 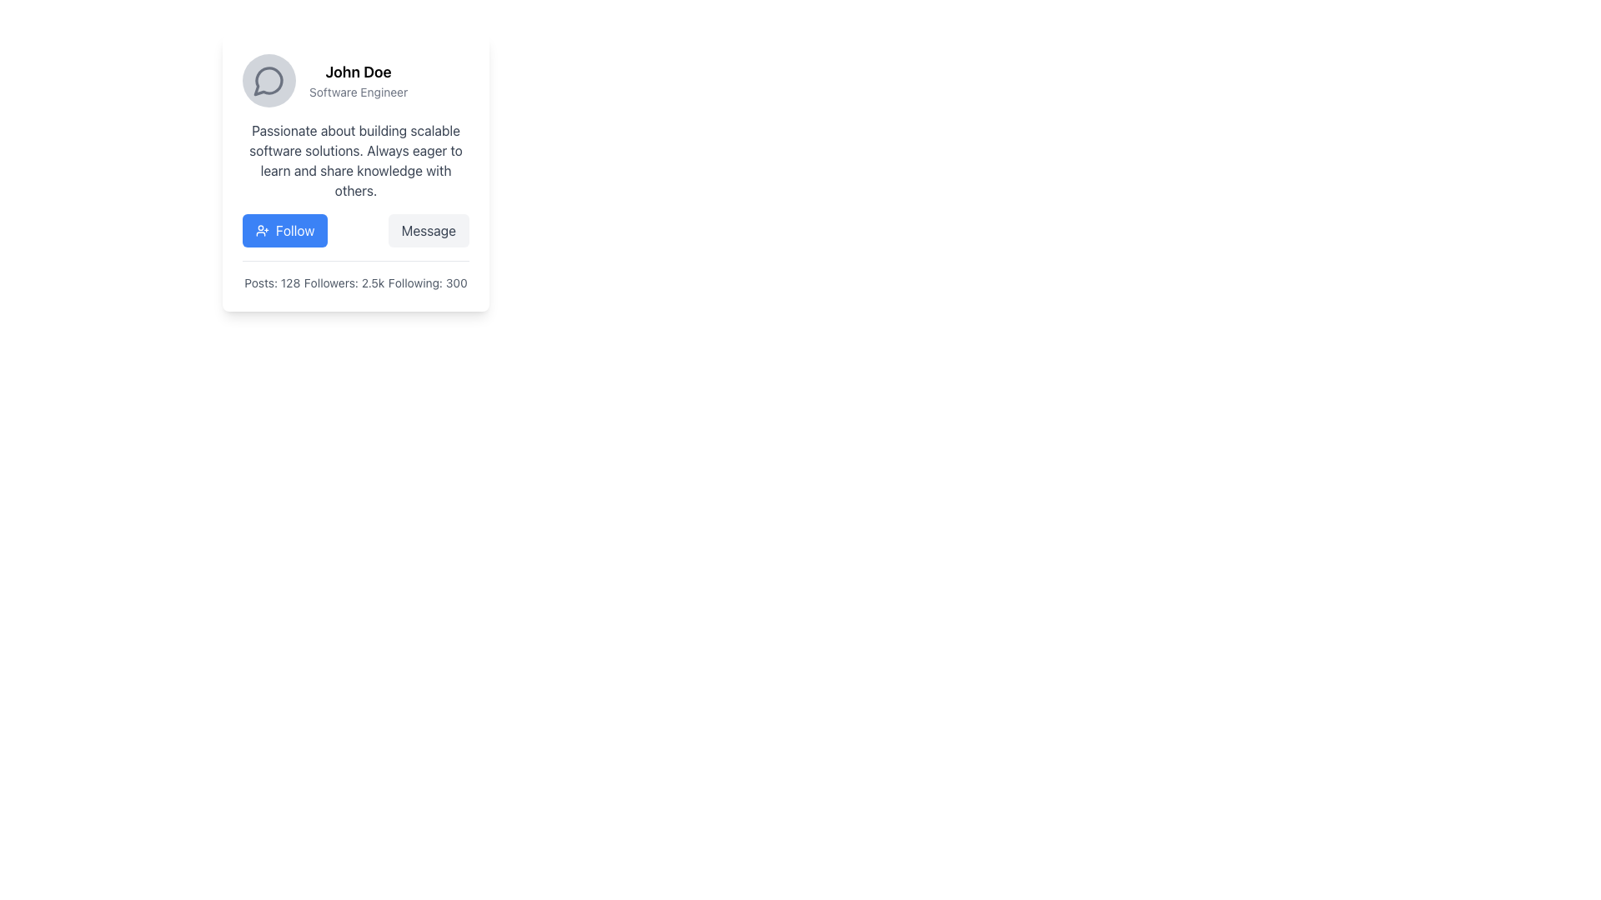 I want to click on the Text Display element that shows user statistics with 'Posts: 128', 'Followers: 2.5k', and 'Following: 300' at the bottom of the card interface, so click(x=355, y=275).